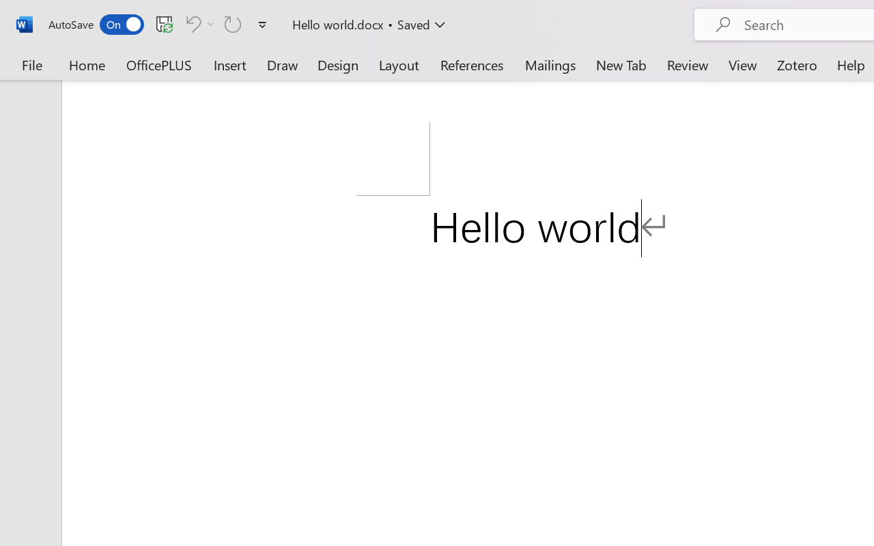 The image size is (874, 546). What do you see at coordinates (550, 64) in the screenshot?
I see `'Mailings'` at bounding box center [550, 64].